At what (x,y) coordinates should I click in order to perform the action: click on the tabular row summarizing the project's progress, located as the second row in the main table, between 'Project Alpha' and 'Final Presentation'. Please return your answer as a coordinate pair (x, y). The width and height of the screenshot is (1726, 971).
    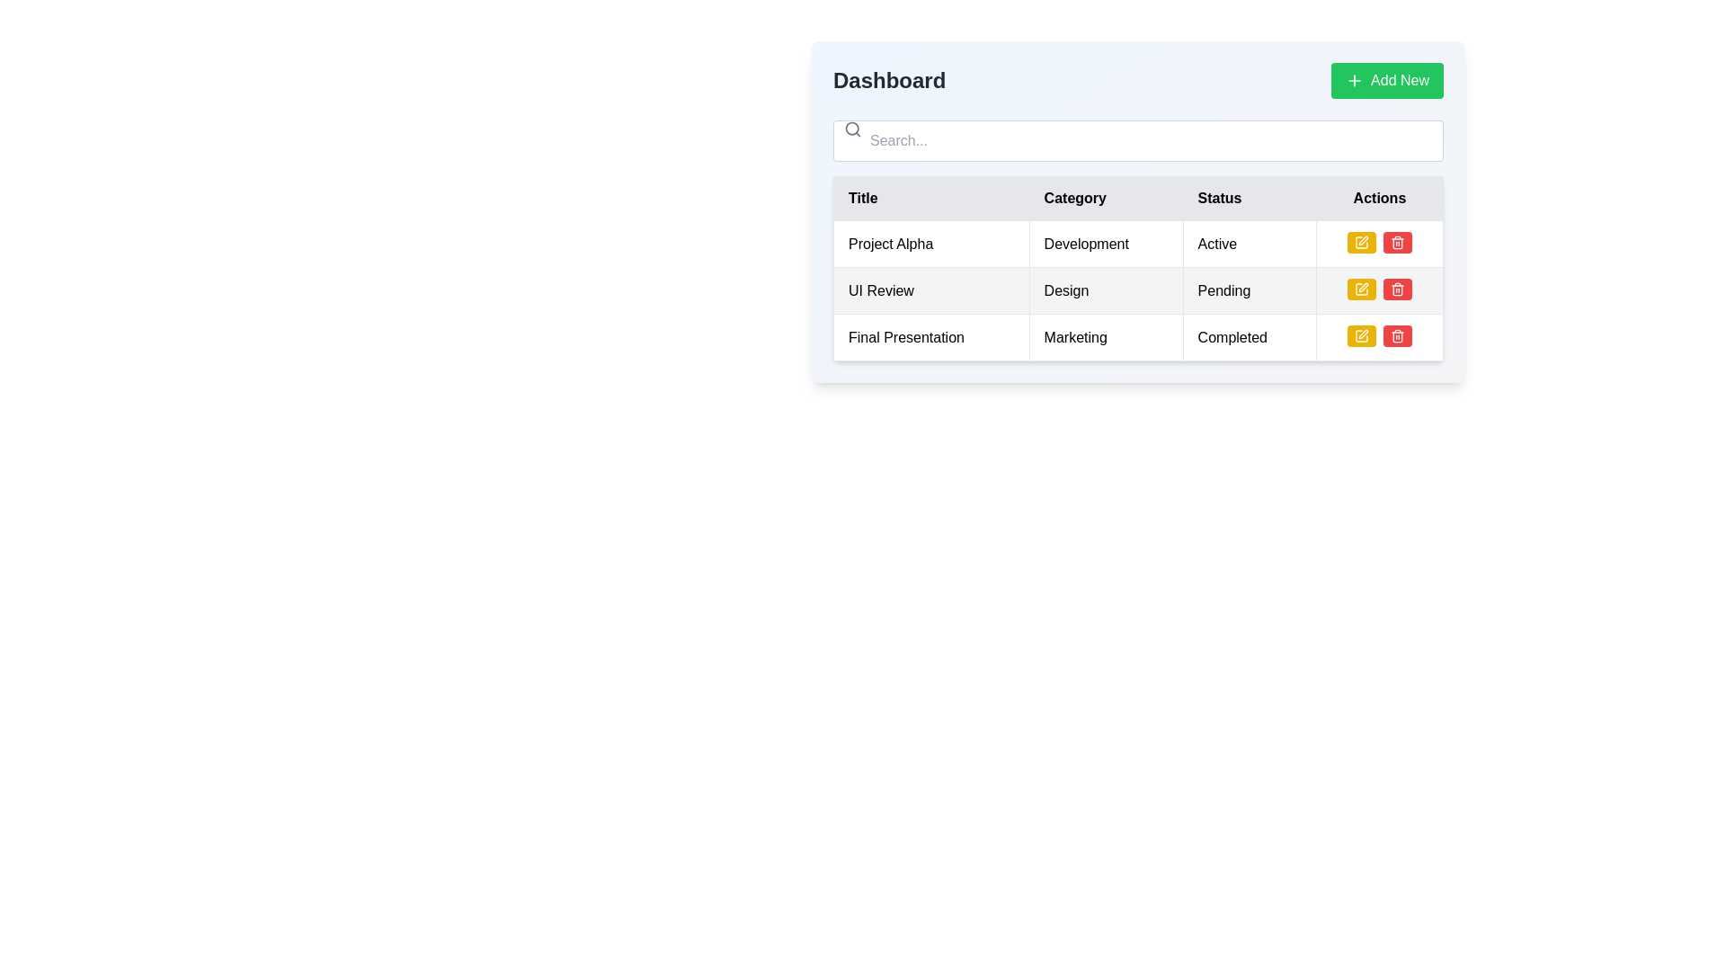
    Looking at the image, I should click on (1137, 290).